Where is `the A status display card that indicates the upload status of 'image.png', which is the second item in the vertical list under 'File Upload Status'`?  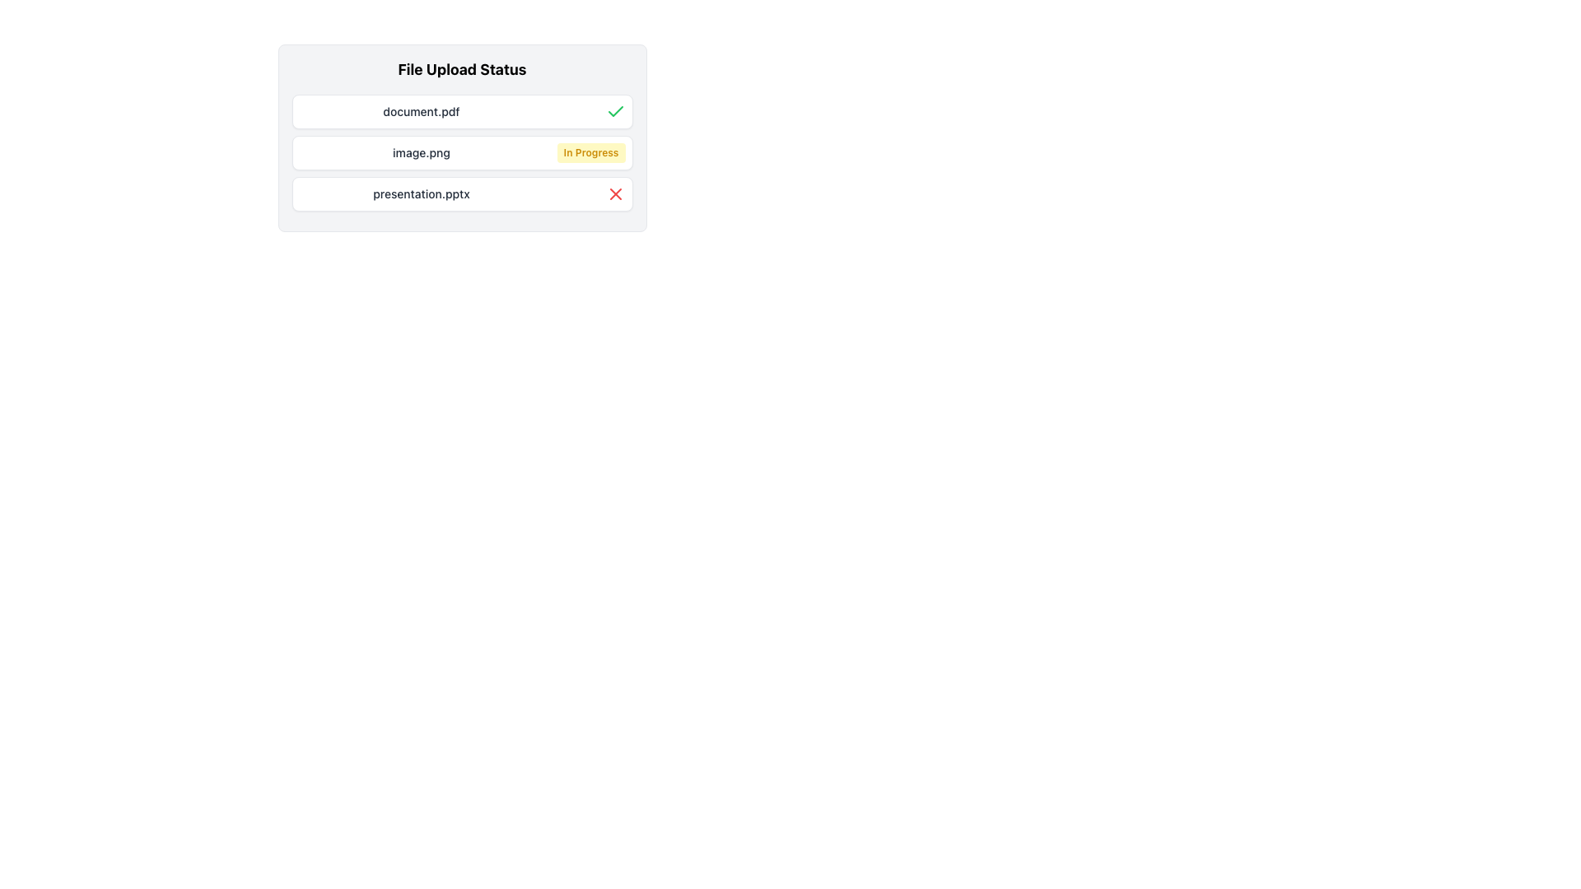 the A status display card that indicates the upload status of 'image.png', which is the second item in the vertical list under 'File Upload Status' is located at coordinates (461, 152).